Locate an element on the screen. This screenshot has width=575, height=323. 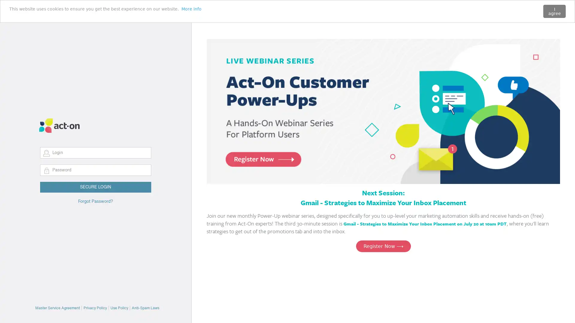
SECURE LOGIN is located at coordinates (95, 187).